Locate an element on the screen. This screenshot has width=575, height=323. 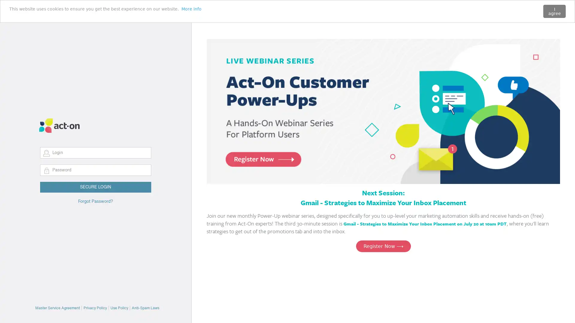
SECURE LOGIN is located at coordinates (95, 187).